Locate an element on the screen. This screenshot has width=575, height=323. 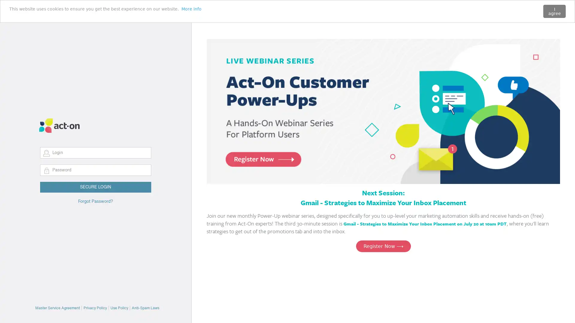
SECURE LOGIN is located at coordinates (95, 187).